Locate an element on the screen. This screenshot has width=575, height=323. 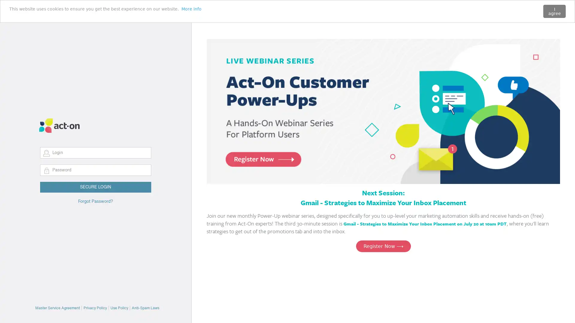
SECURE LOGIN is located at coordinates (95, 187).